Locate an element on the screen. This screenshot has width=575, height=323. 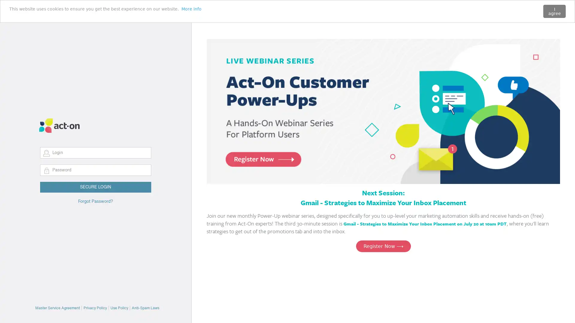
SECURE LOGIN is located at coordinates (95, 187).